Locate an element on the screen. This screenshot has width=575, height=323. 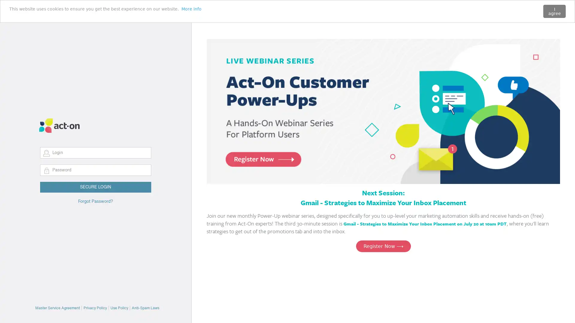
SECURE LOGIN is located at coordinates (95, 187).